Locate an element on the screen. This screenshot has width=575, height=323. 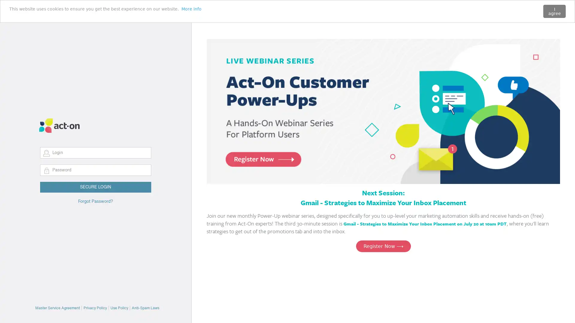
SECURE LOGIN is located at coordinates (95, 187).